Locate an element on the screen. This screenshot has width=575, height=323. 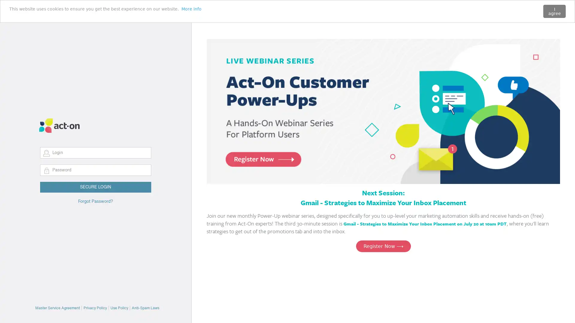
SECURE LOGIN is located at coordinates (95, 187).